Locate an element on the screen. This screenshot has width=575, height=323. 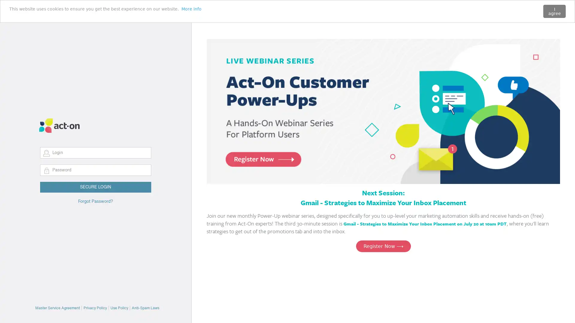
SECURE LOGIN is located at coordinates (95, 187).